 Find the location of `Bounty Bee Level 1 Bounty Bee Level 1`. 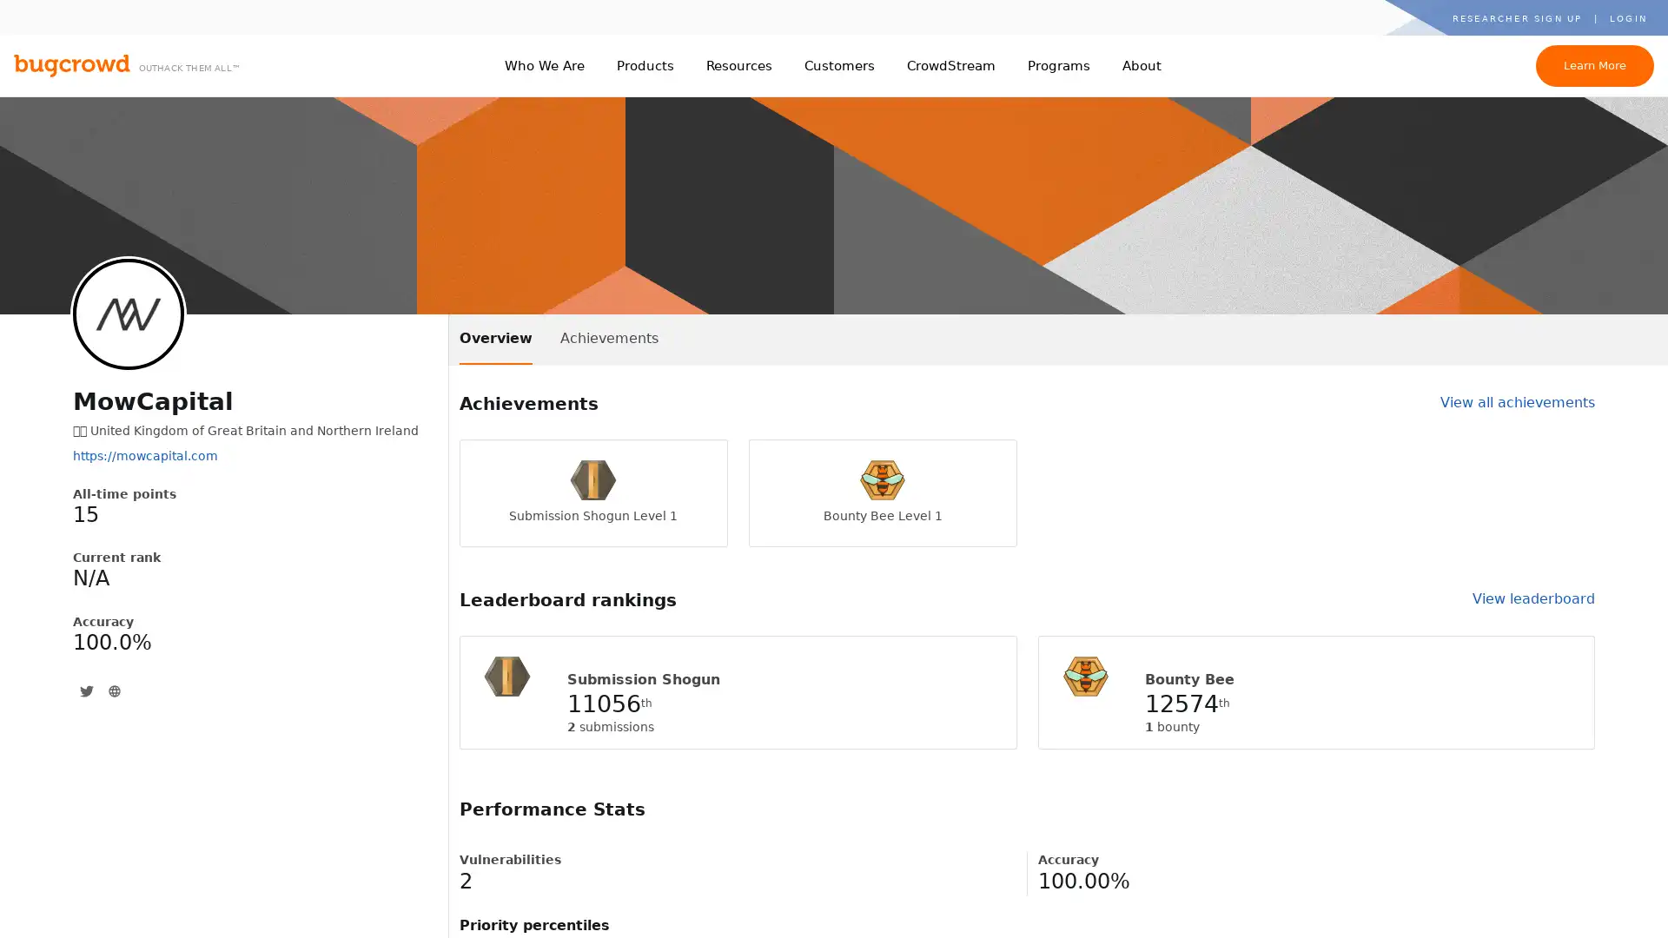

Bounty Bee Level 1 Bounty Bee Level 1 is located at coordinates (882, 492).